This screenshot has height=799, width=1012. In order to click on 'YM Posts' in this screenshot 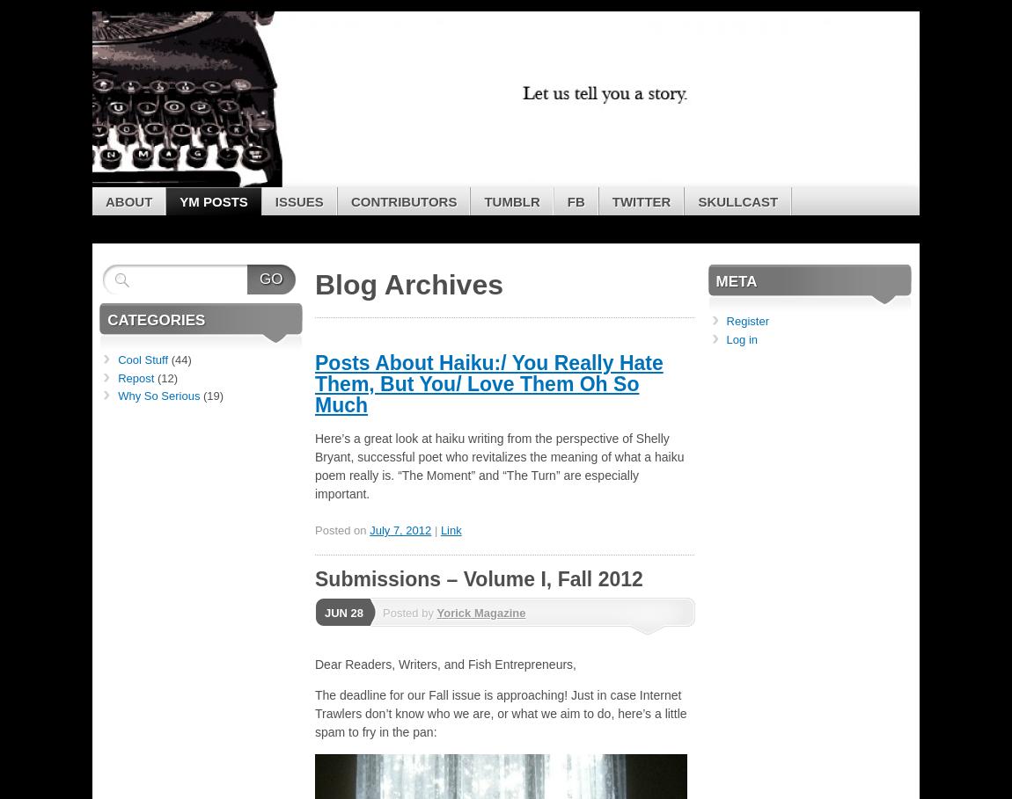, I will do `click(212, 200)`.